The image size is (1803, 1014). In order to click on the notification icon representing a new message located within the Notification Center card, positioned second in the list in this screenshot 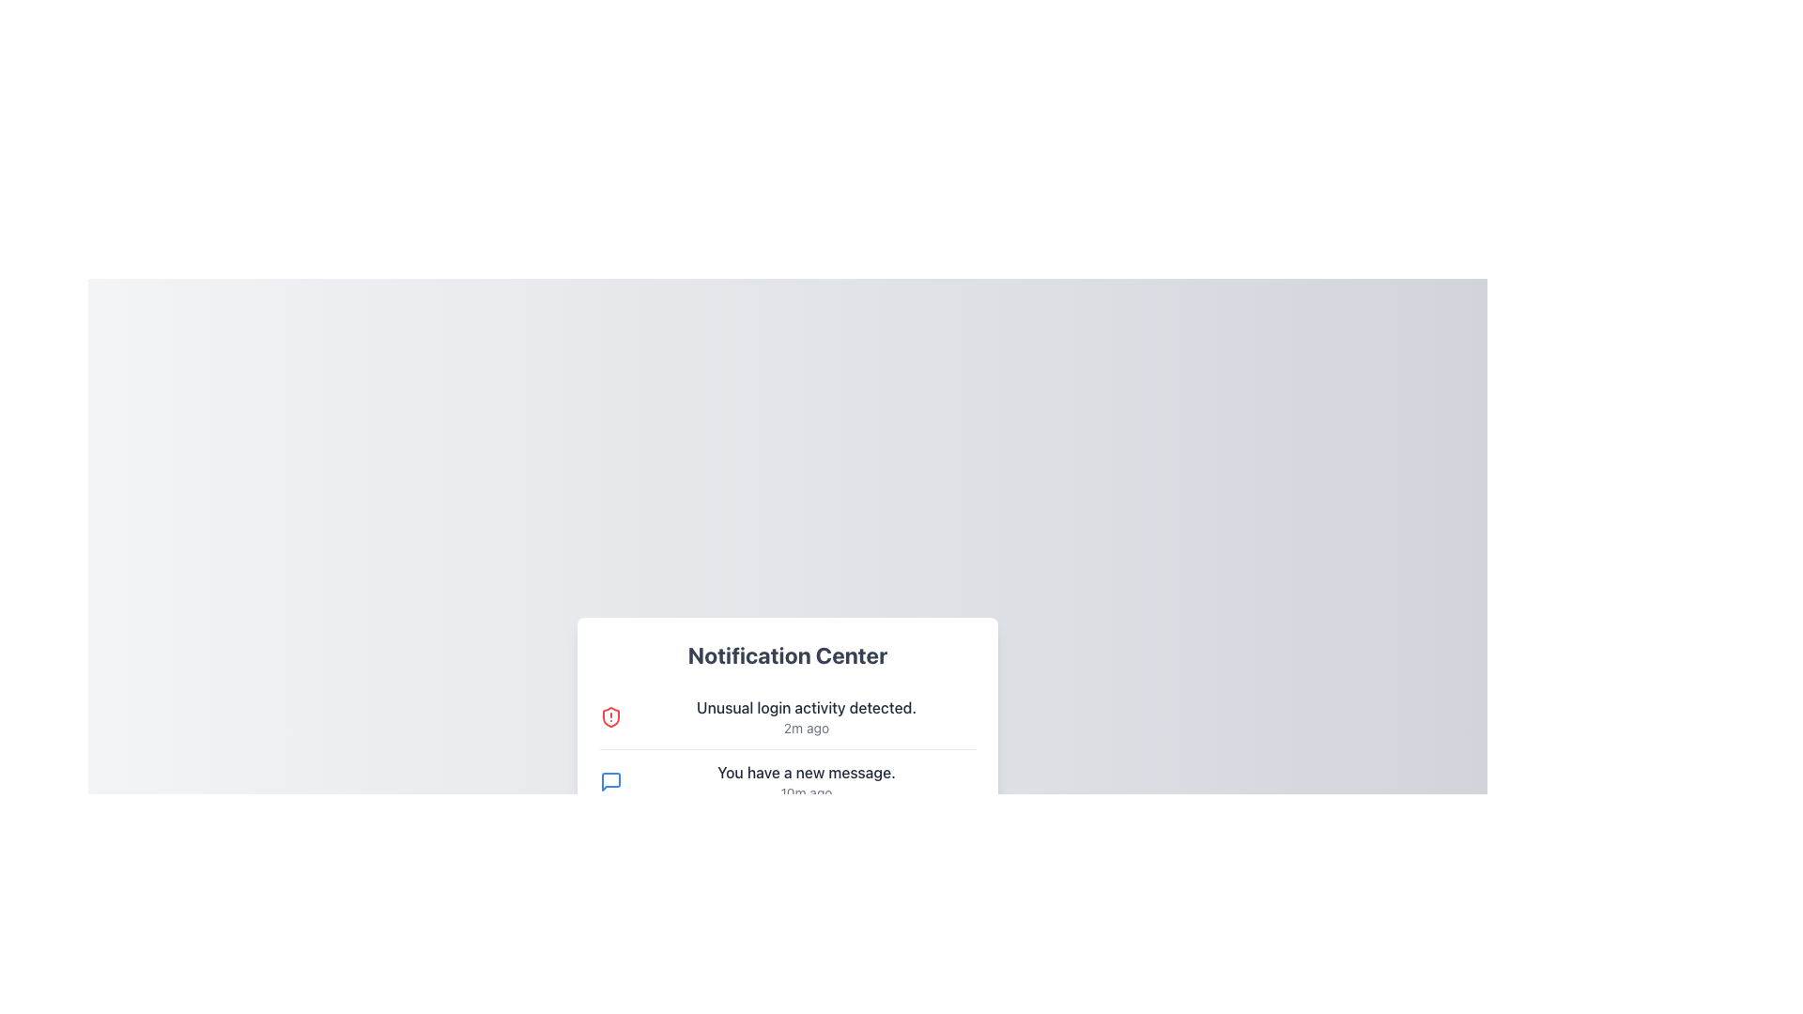, I will do `click(611, 782)`.